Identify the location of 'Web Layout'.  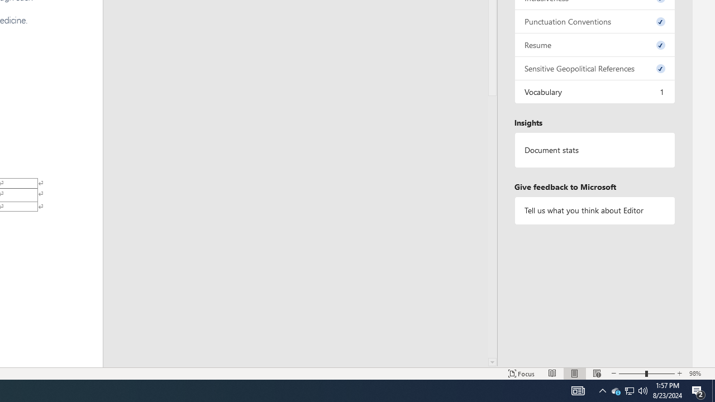
(597, 374).